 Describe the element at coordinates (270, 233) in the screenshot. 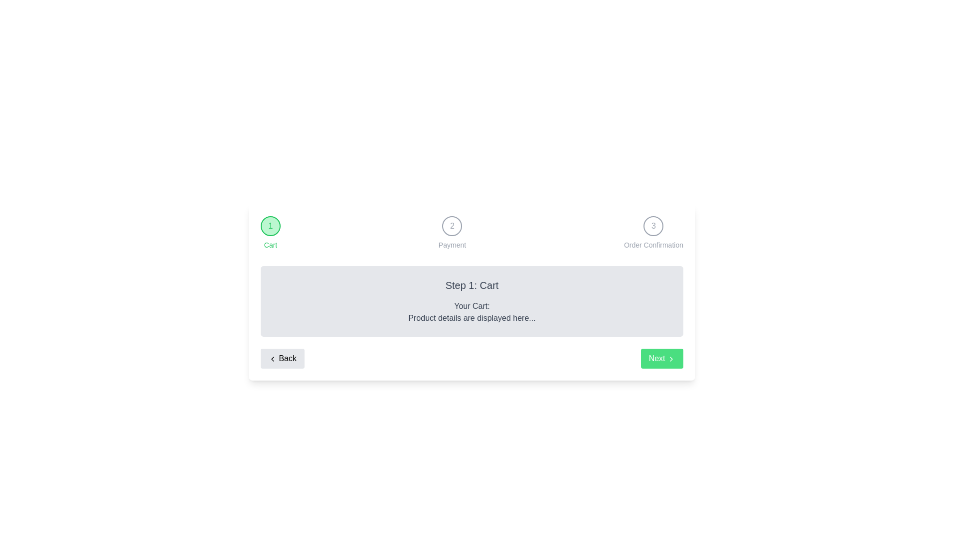

I see `the stepper elements: Cart` at that location.